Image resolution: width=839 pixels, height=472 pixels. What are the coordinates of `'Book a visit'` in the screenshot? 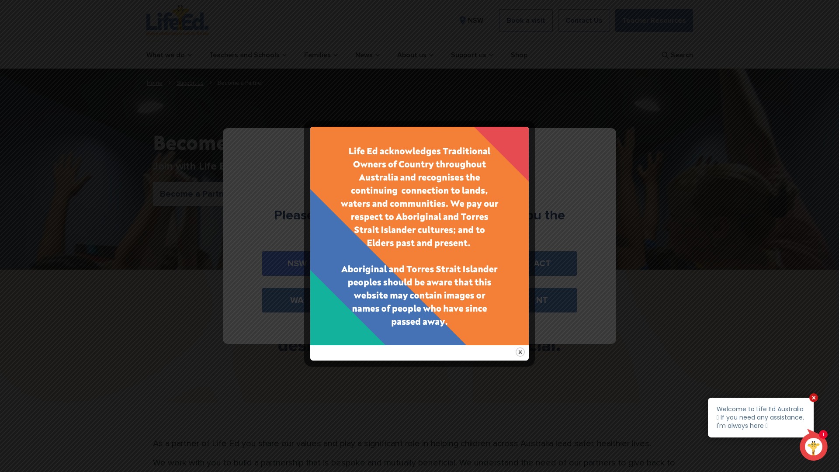 It's located at (525, 20).